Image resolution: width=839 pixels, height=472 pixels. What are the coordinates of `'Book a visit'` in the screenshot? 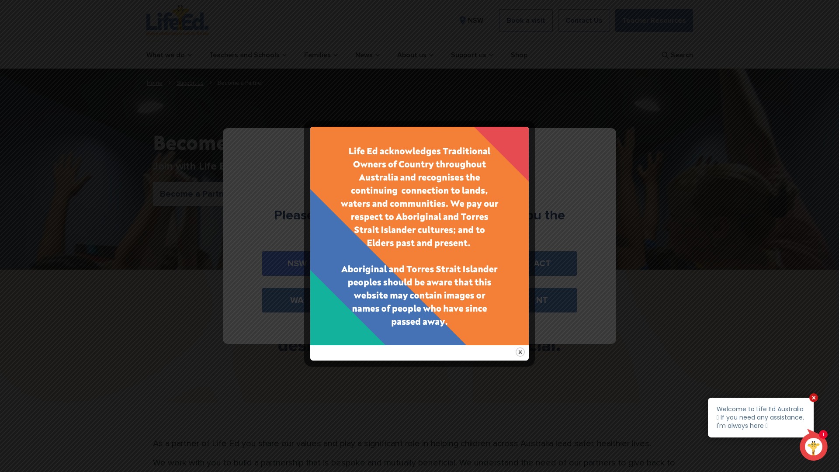 It's located at (525, 20).